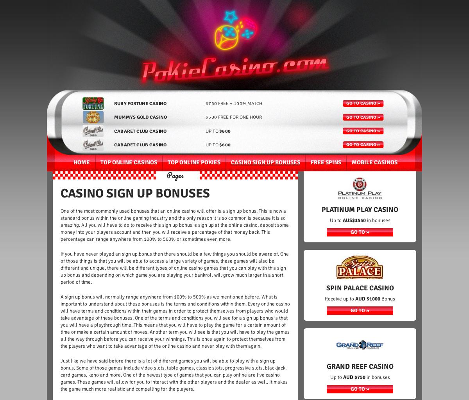  What do you see at coordinates (360, 209) in the screenshot?
I see `'Platinum PLay Casino'` at bounding box center [360, 209].